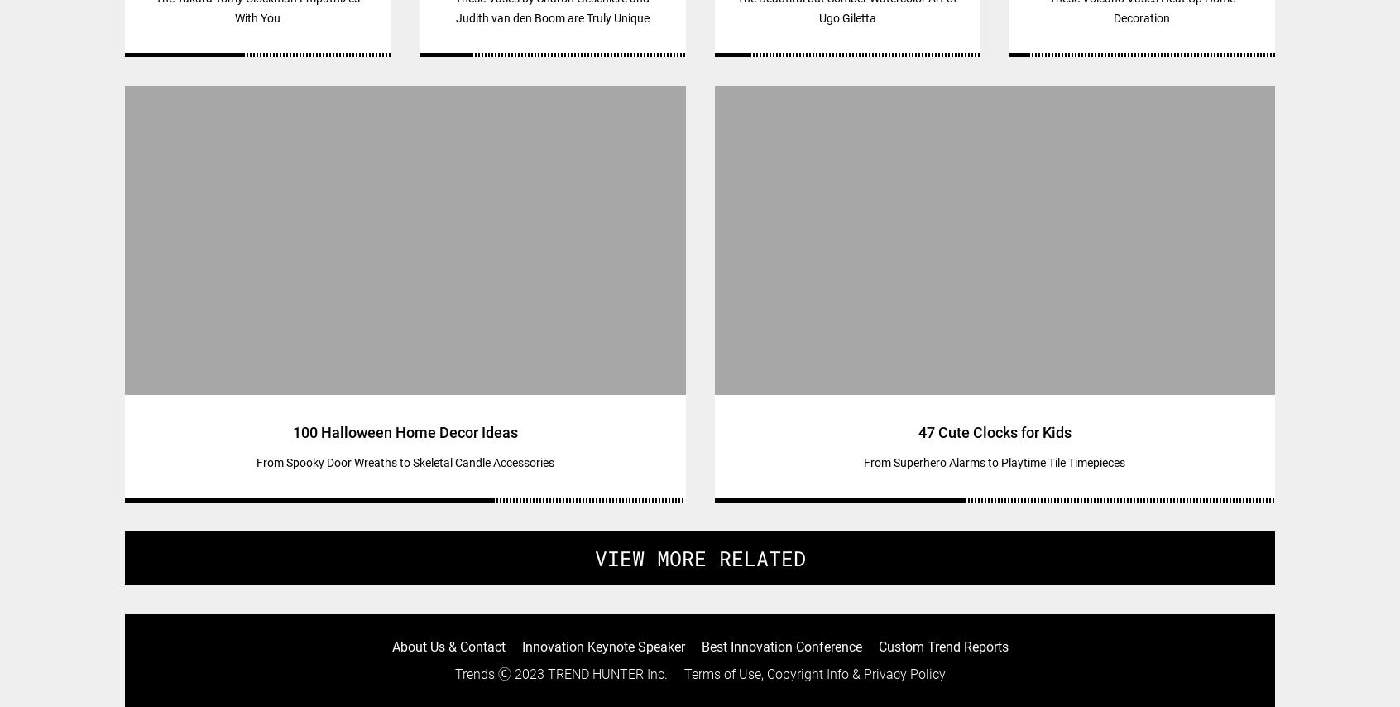 Image resolution: width=1400 pixels, height=707 pixels. Describe the element at coordinates (994, 432) in the screenshot. I see `'47 Cute Clocks for Kids'` at that location.